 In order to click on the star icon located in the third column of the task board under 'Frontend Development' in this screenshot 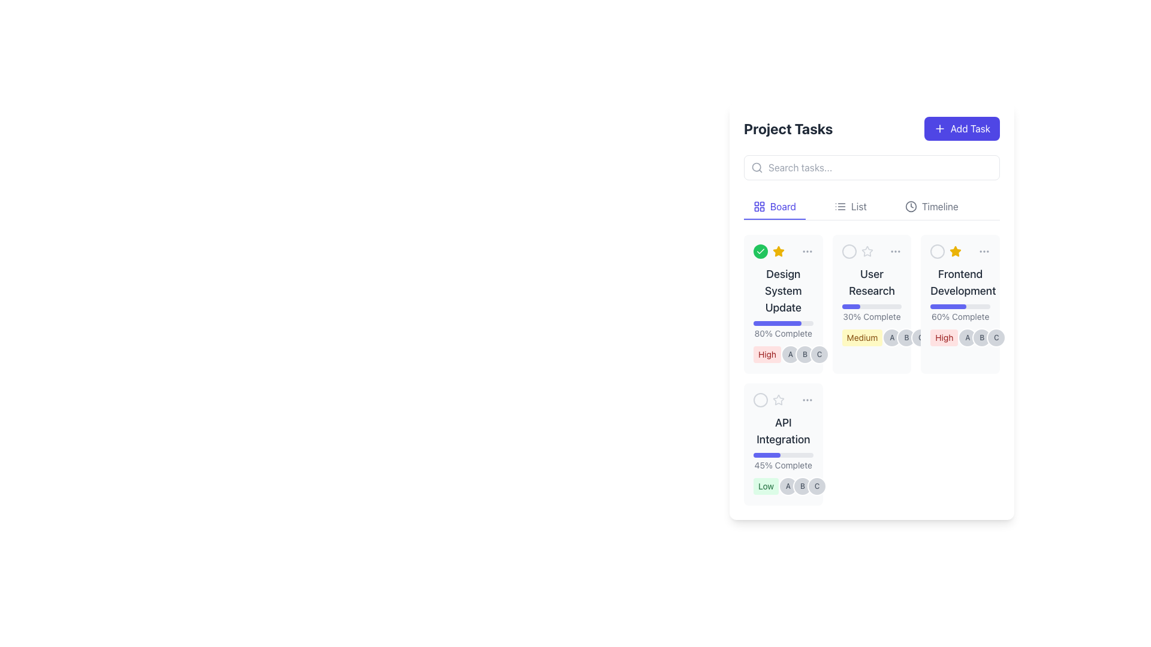, I will do `click(955, 250)`.